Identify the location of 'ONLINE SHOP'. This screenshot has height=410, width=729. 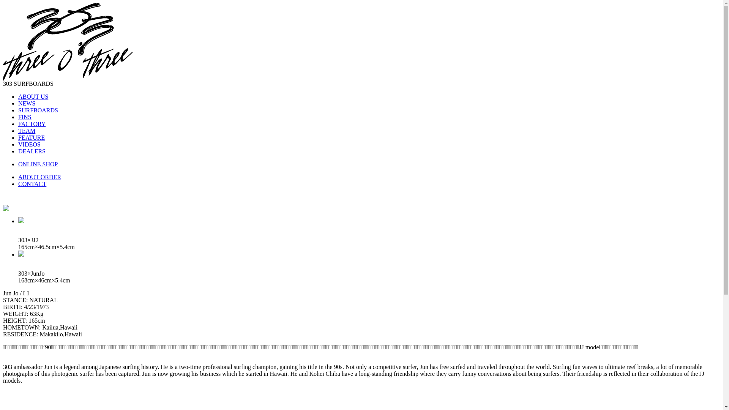
(18, 164).